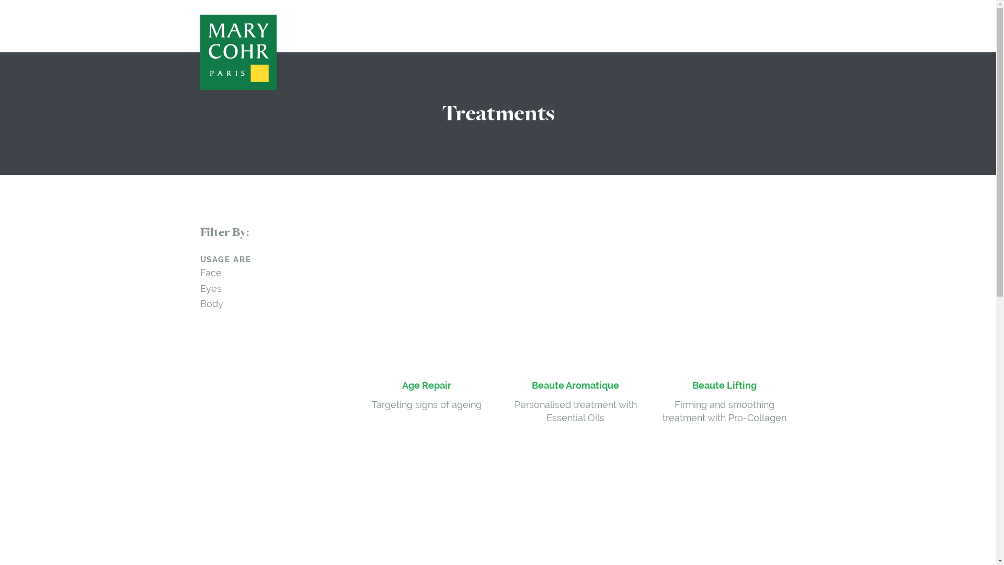 Image resolution: width=1004 pixels, height=565 pixels. I want to click on 'Beaute Aromatique, so click(504, 324).